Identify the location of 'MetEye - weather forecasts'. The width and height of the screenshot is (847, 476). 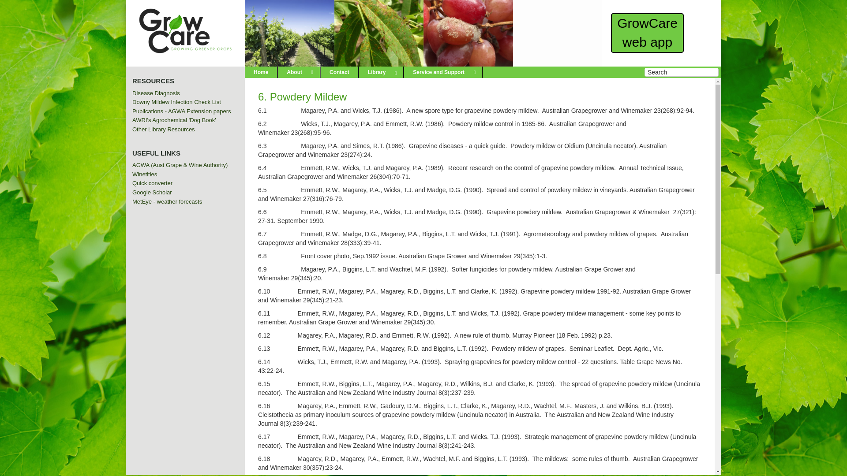
(167, 201).